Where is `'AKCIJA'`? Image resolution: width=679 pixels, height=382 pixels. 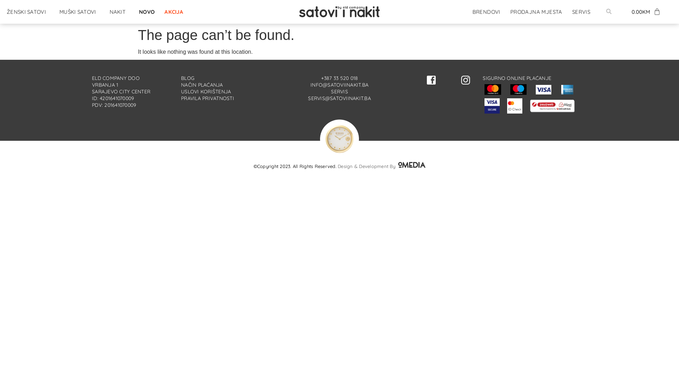
'AKCIJA' is located at coordinates (174, 12).